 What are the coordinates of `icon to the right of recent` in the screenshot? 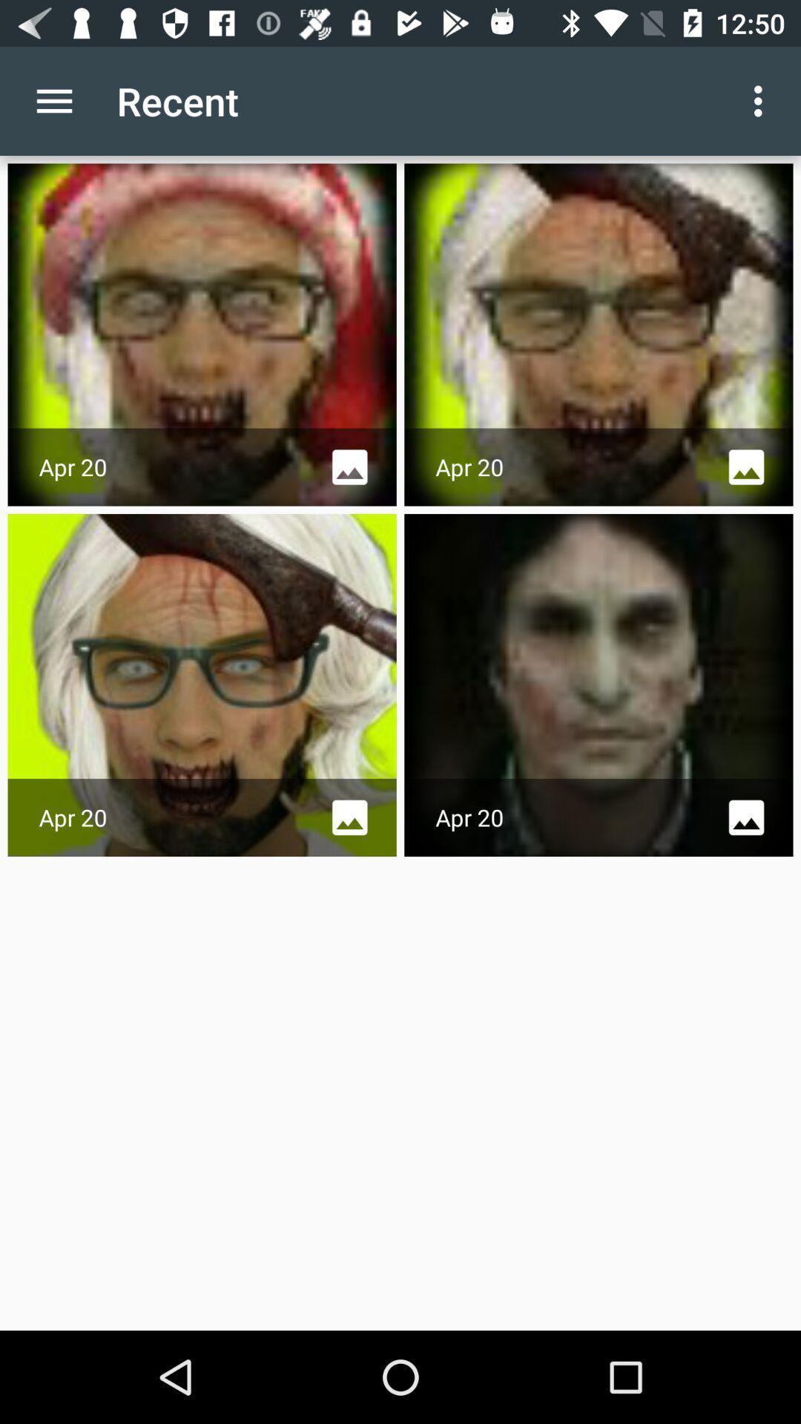 It's located at (762, 100).